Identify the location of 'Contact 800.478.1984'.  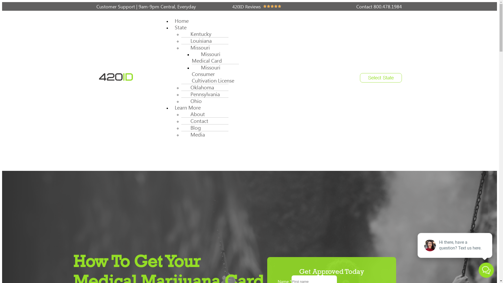
(356, 6).